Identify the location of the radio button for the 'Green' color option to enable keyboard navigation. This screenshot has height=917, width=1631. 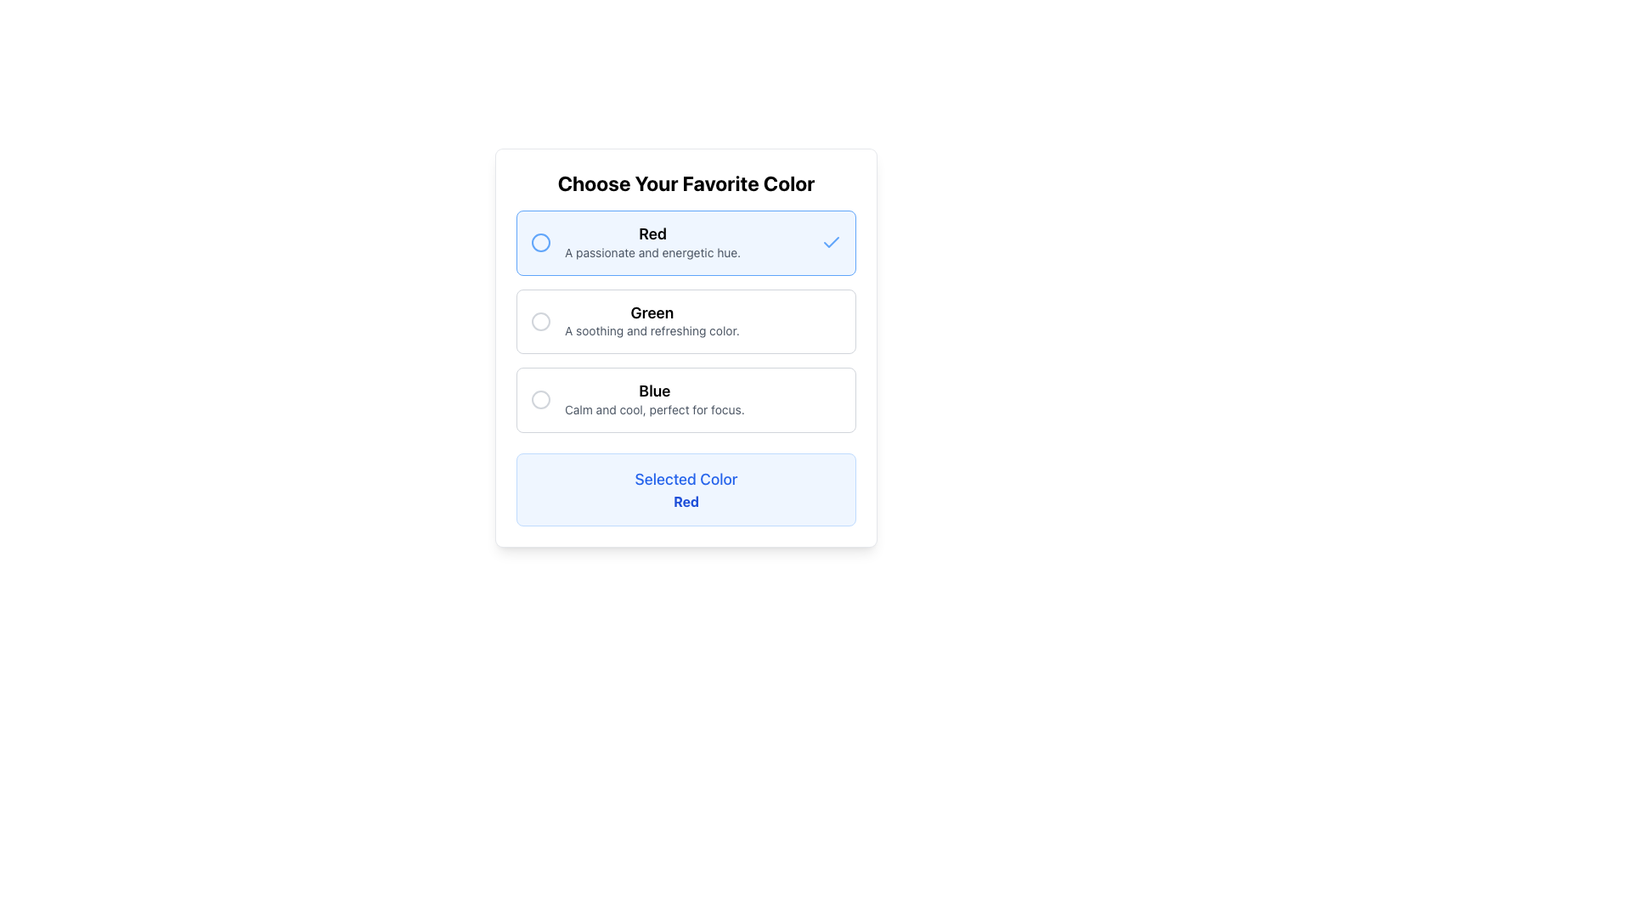
(540, 321).